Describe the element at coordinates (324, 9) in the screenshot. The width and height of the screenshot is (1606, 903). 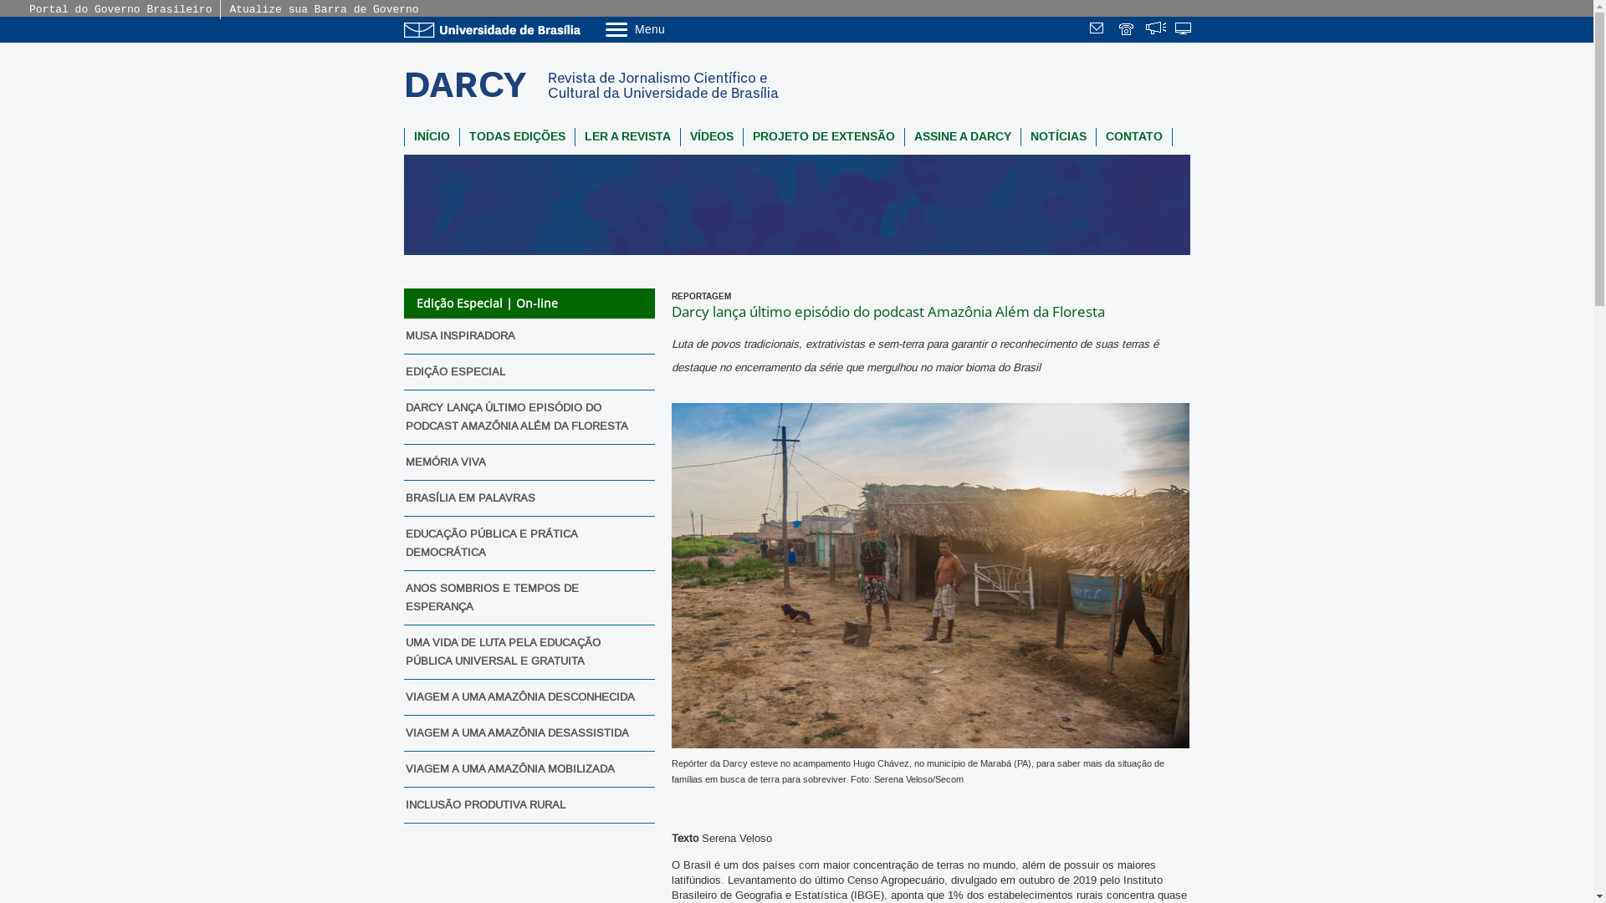
I see `'Atualize sua Barra de Governo'` at that location.